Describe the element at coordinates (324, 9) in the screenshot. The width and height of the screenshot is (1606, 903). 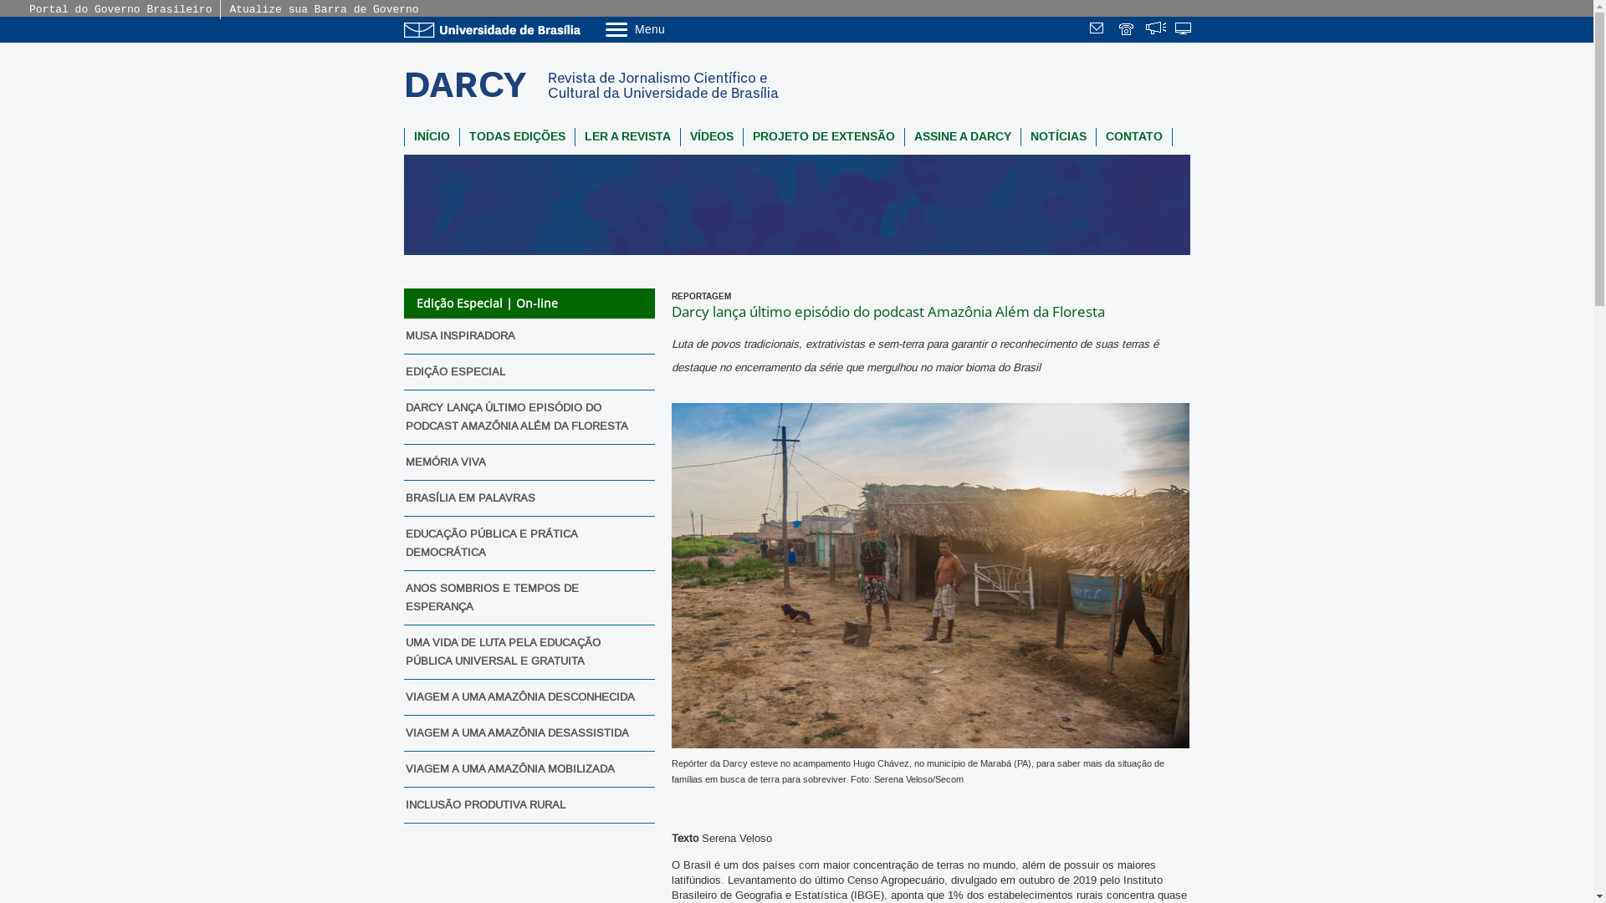
I see `'Atualize sua Barra de Governo'` at that location.